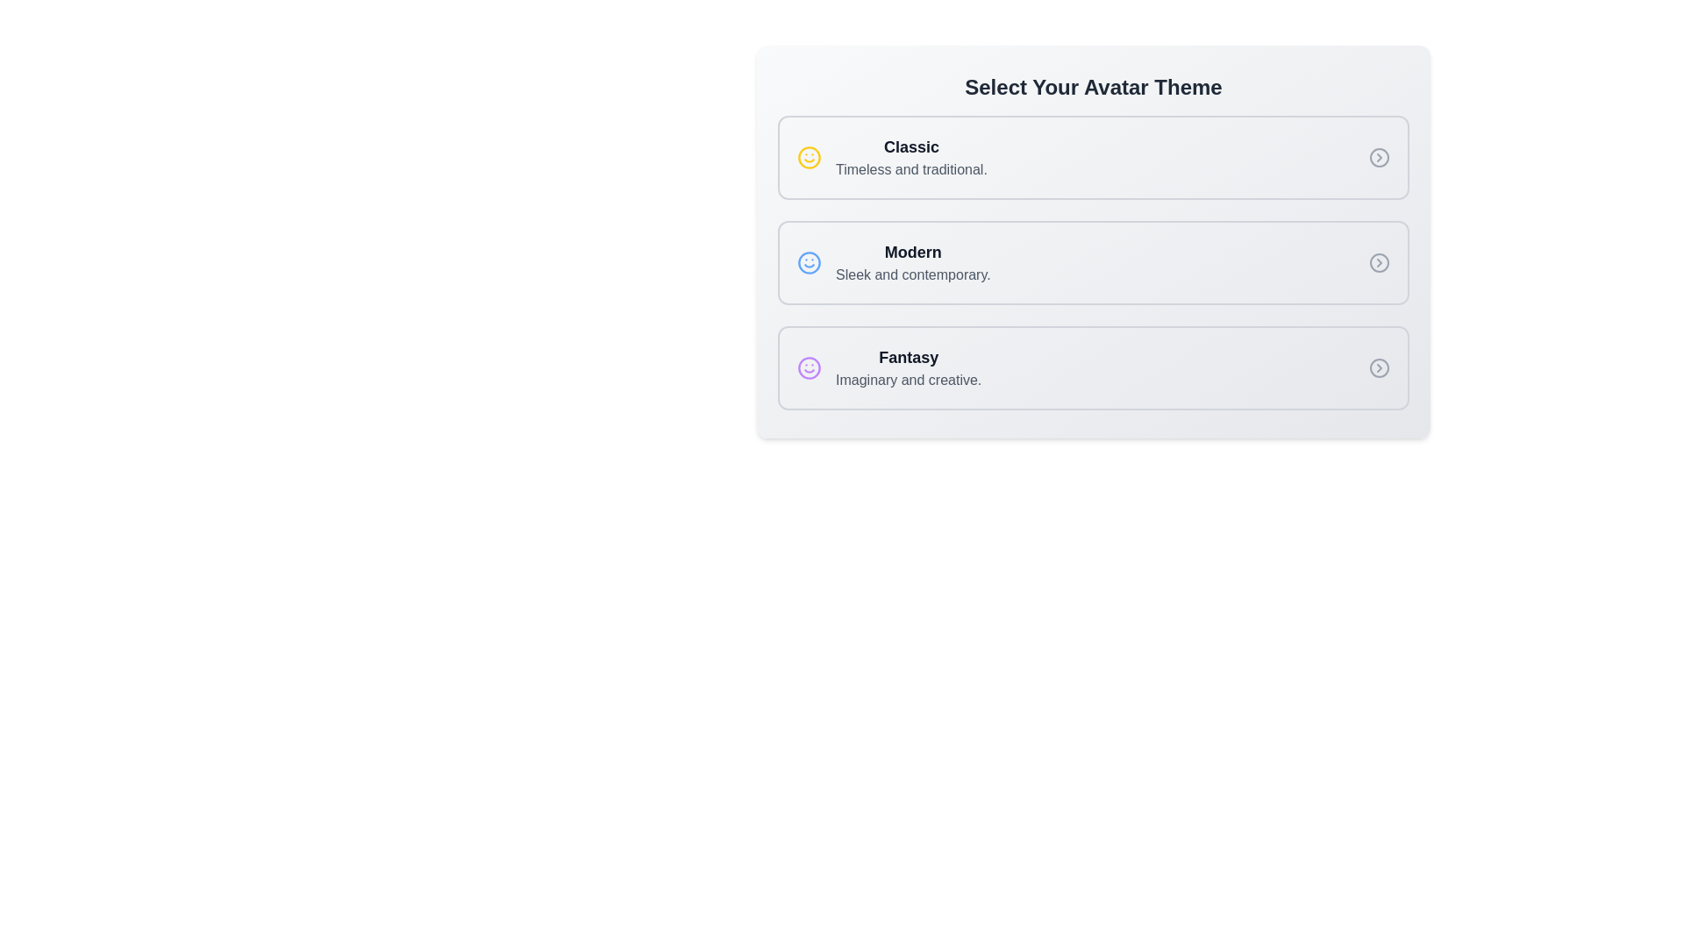 This screenshot has height=947, width=1684. What do you see at coordinates (808, 158) in the screenshot?
I see `the circular component with a yellow outline that forms part of the smiley face icon in the 'Select Your Avatar Theme' section` at bounding box center [808, 158].